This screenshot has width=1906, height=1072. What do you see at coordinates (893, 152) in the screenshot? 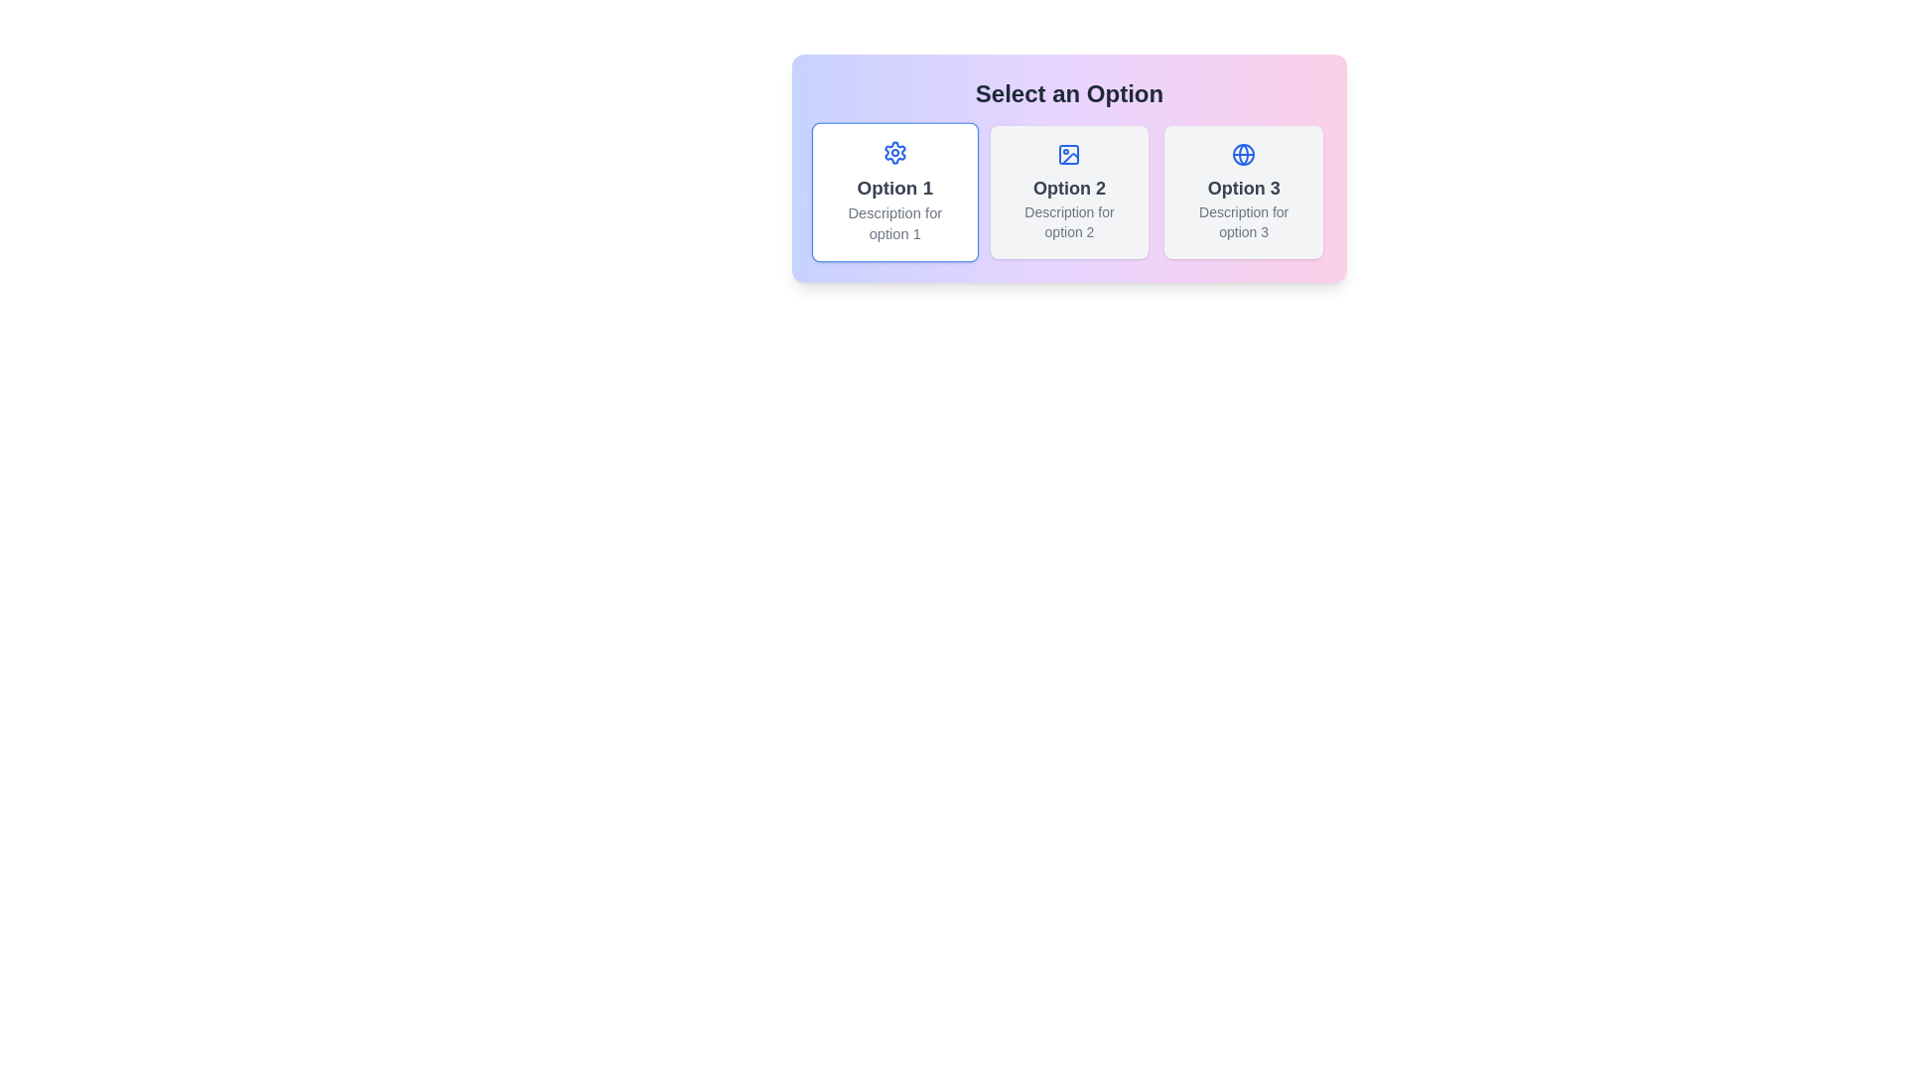
I see `the graphical icon within the first option card, which indicates a settings or configuration choice, to interact with the option card it belongs to` at bounding box center [893, 152].